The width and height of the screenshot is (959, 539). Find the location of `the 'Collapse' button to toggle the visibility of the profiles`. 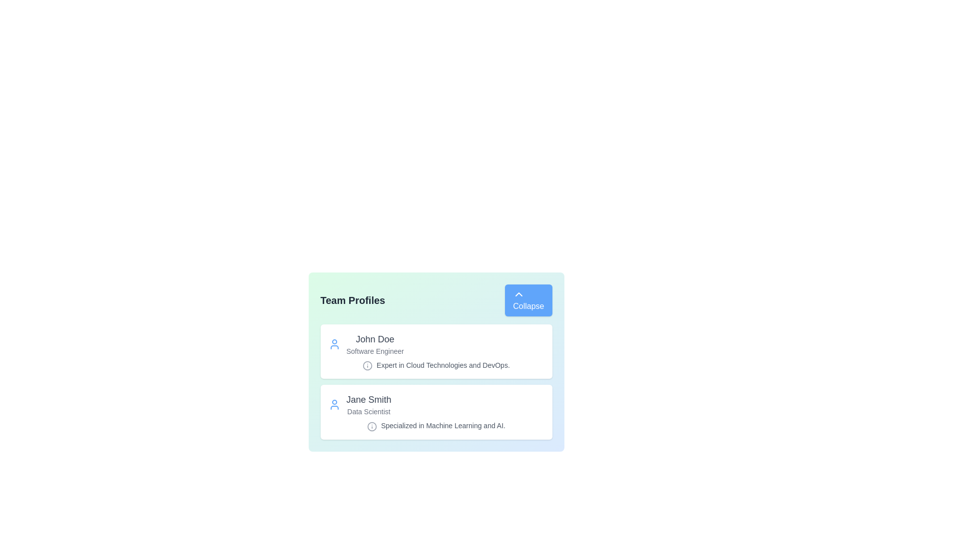

the 'Collapse' button to toggle the visibility of the profiles is located at coordinates (527, 299).